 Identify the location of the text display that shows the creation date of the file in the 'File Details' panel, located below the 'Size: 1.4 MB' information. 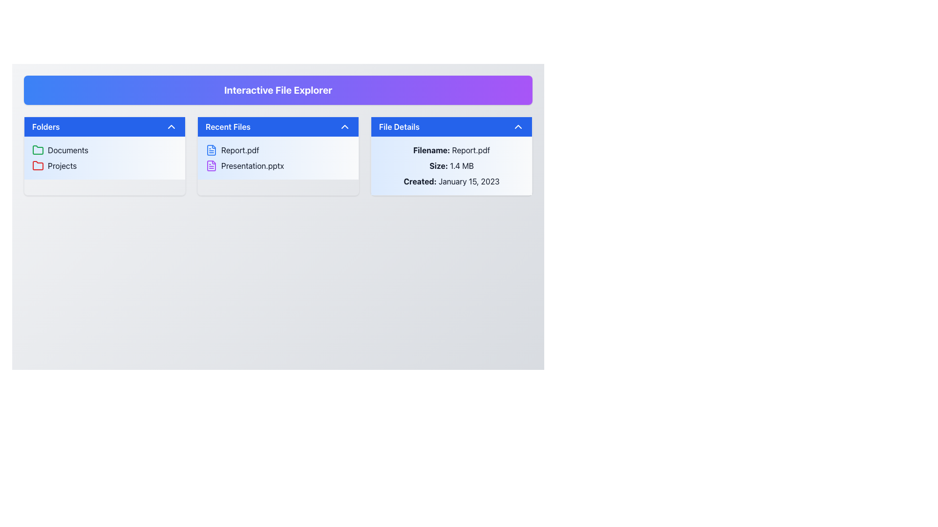
(451, 181).